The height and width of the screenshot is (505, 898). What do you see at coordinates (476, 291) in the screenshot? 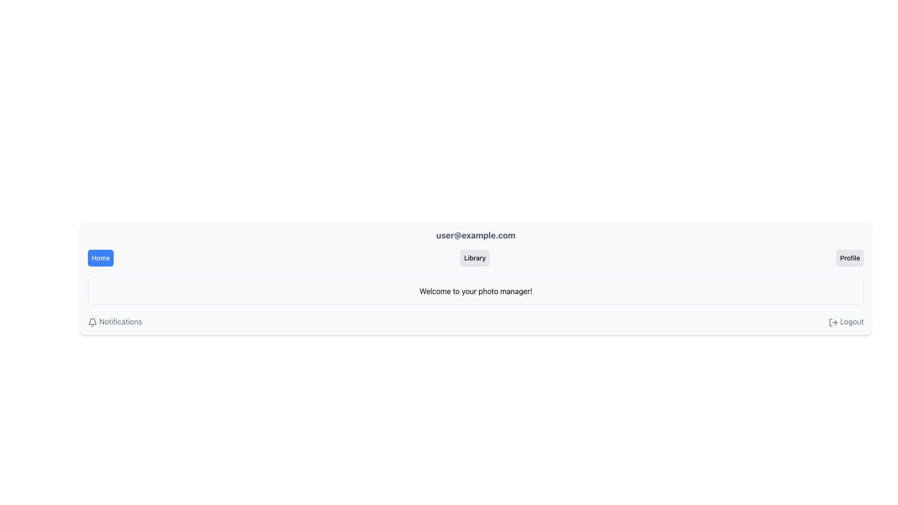
I see `the static text element that provides a welcoming statement to users, which is positioned below the user email and Library button, and above the lower navigation options like Notifications and Logout` at bounding box center [476, 291].